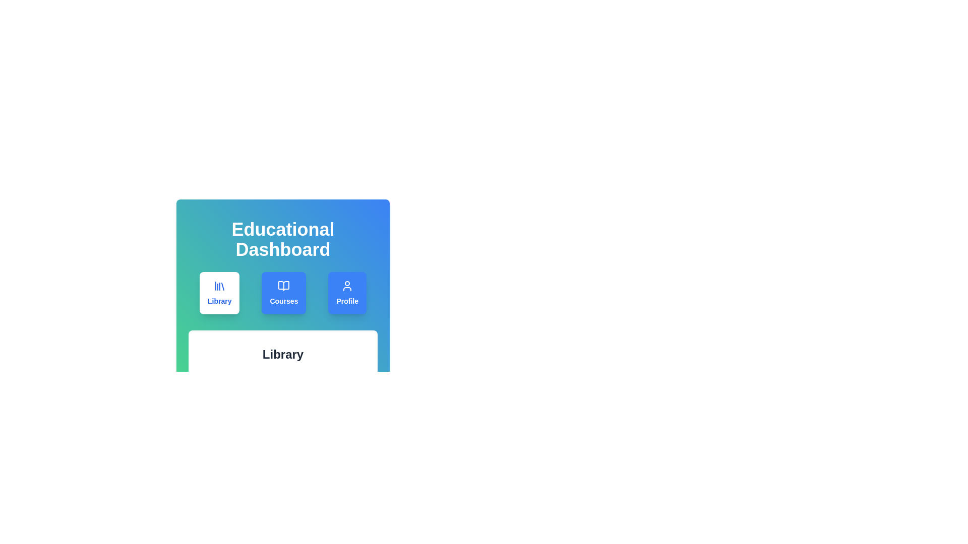 The image size is (968, 544). Describe the element at coordinates (347, 293) in the screenshot. I see `the Profile tab by clicking on its button` at that location.